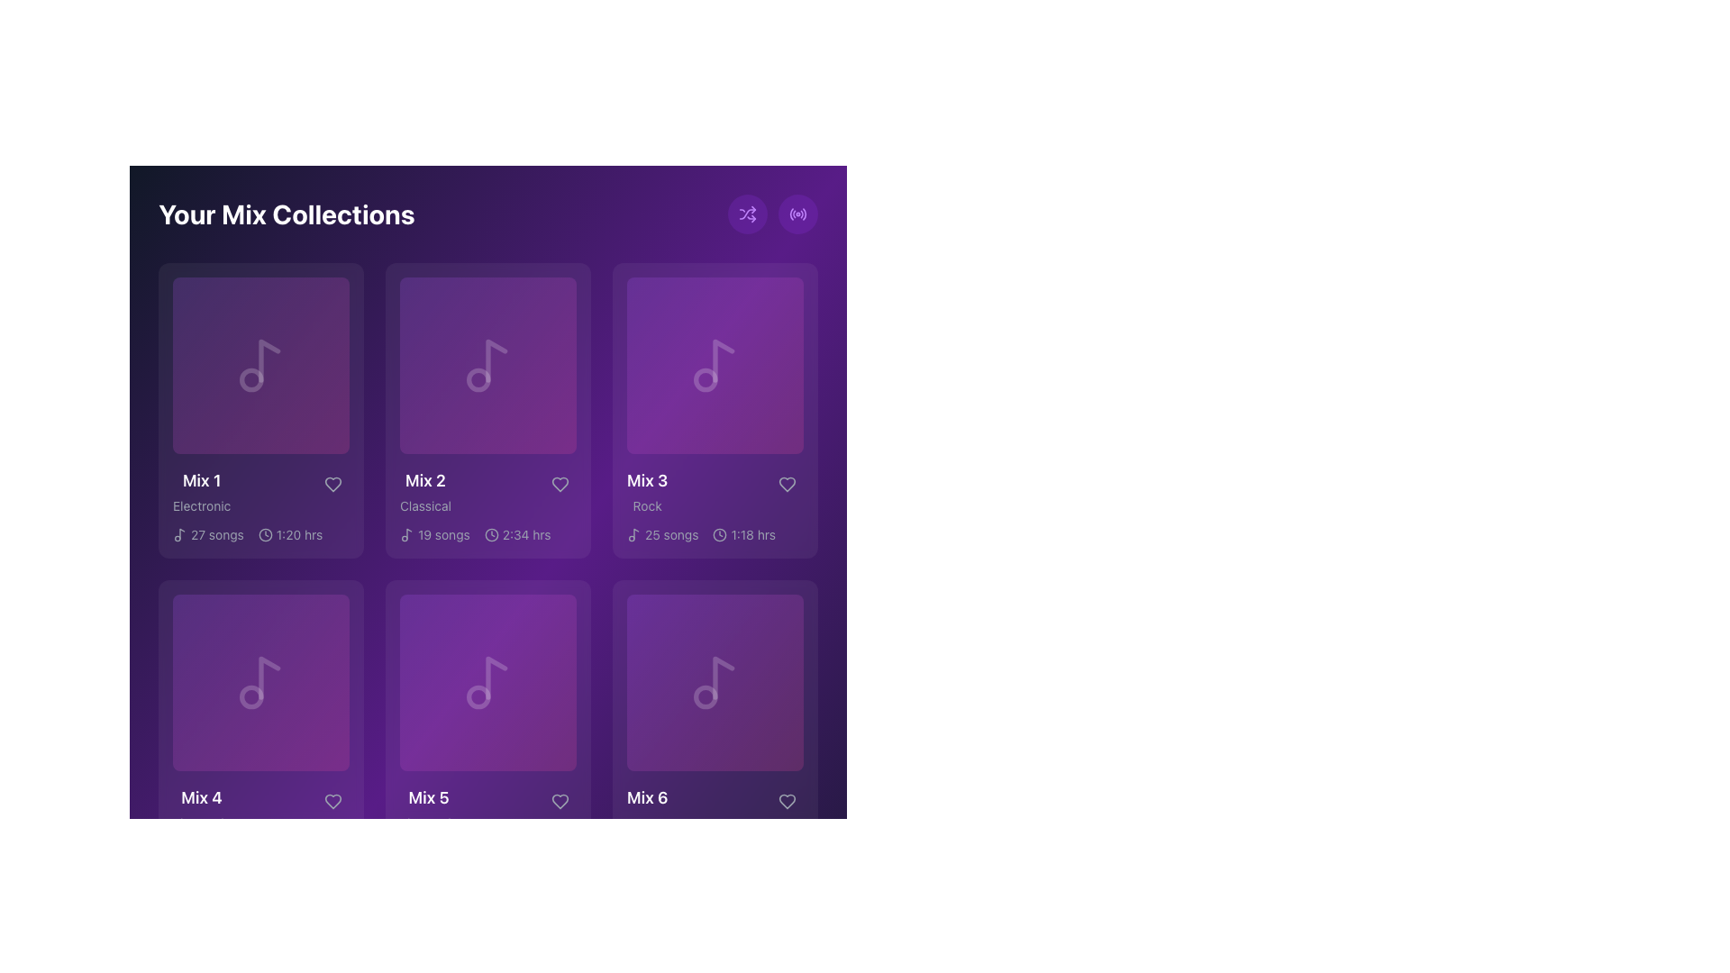 This screenshot has height=973, width=1730. I want to click on the purple circular button located in the second column of the first row within the 'Your Mix Collections' section to play the associated music mix labeled 'Mix 2', so click(488, 365).